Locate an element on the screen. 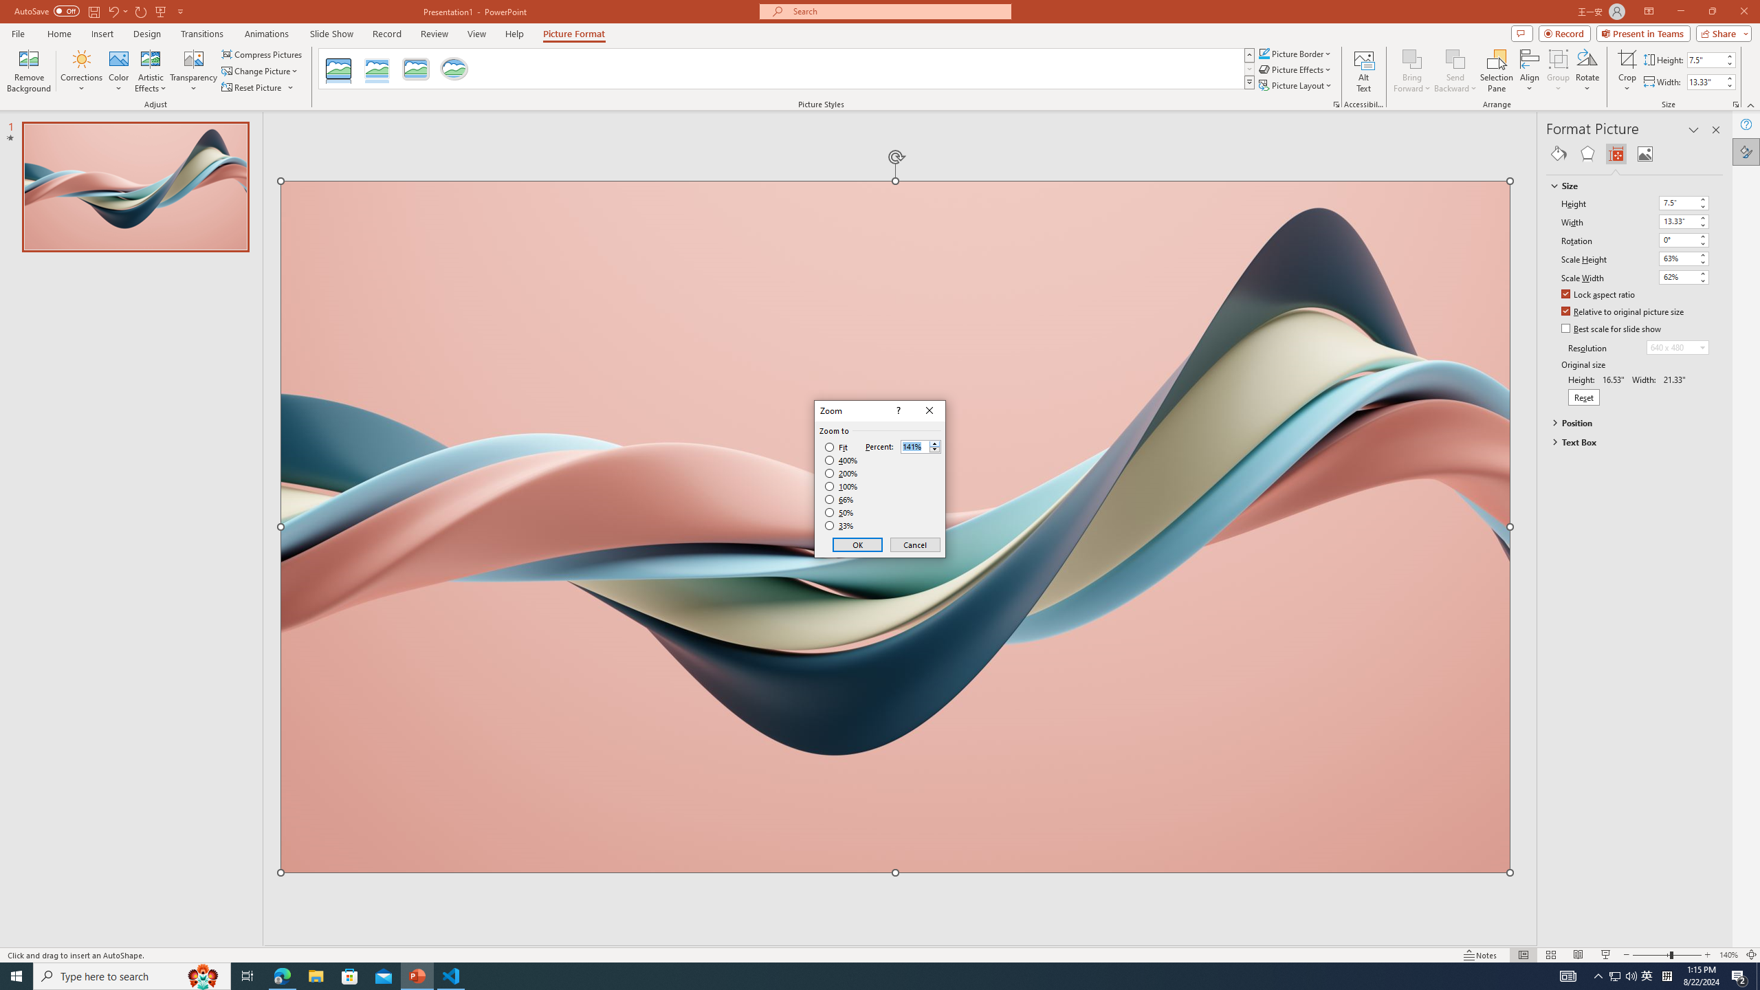 Image resolution: width=1760 pixels, height=990 pixels. 'Crop' is located at coordinates (1626, 58).